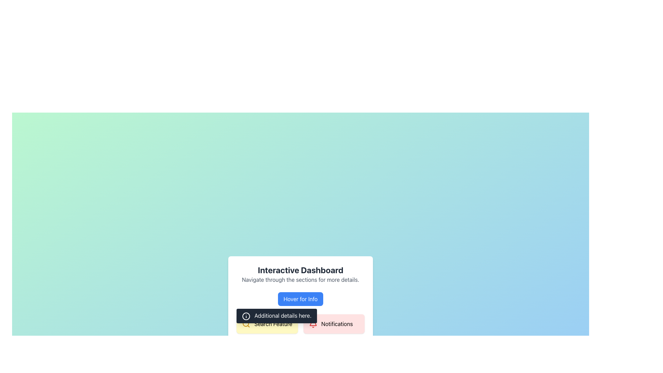  What do you see at coordinates (300, 299) in the screenshot?
I see `the button located under the title 'Interactive Dashboard'` at bounding box center [300, 299].